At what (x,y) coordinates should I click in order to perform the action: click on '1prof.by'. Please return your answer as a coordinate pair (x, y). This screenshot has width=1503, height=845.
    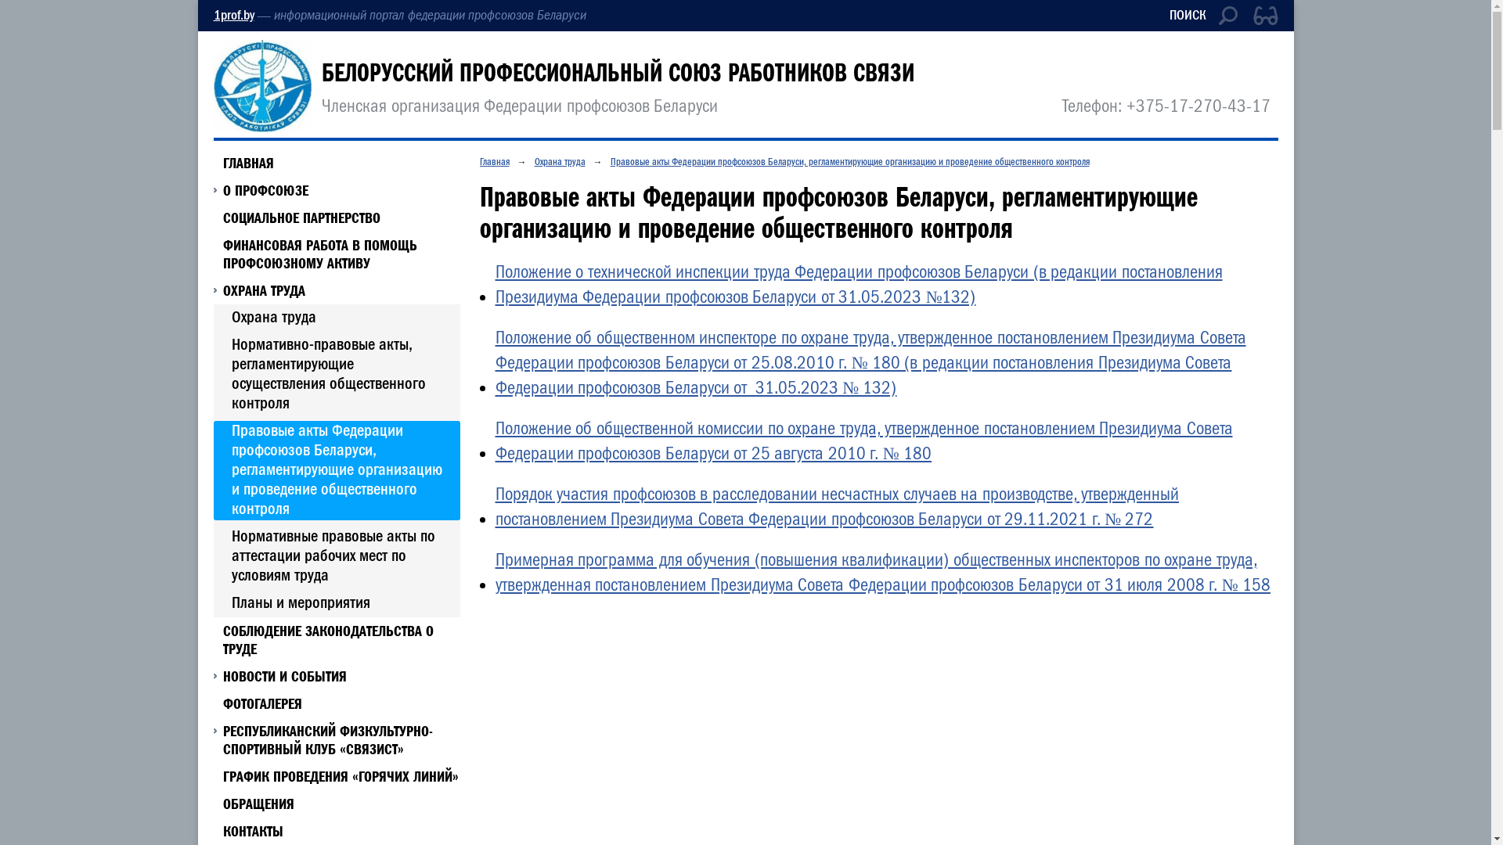
    Looking at the image, I should click on (212, 15).